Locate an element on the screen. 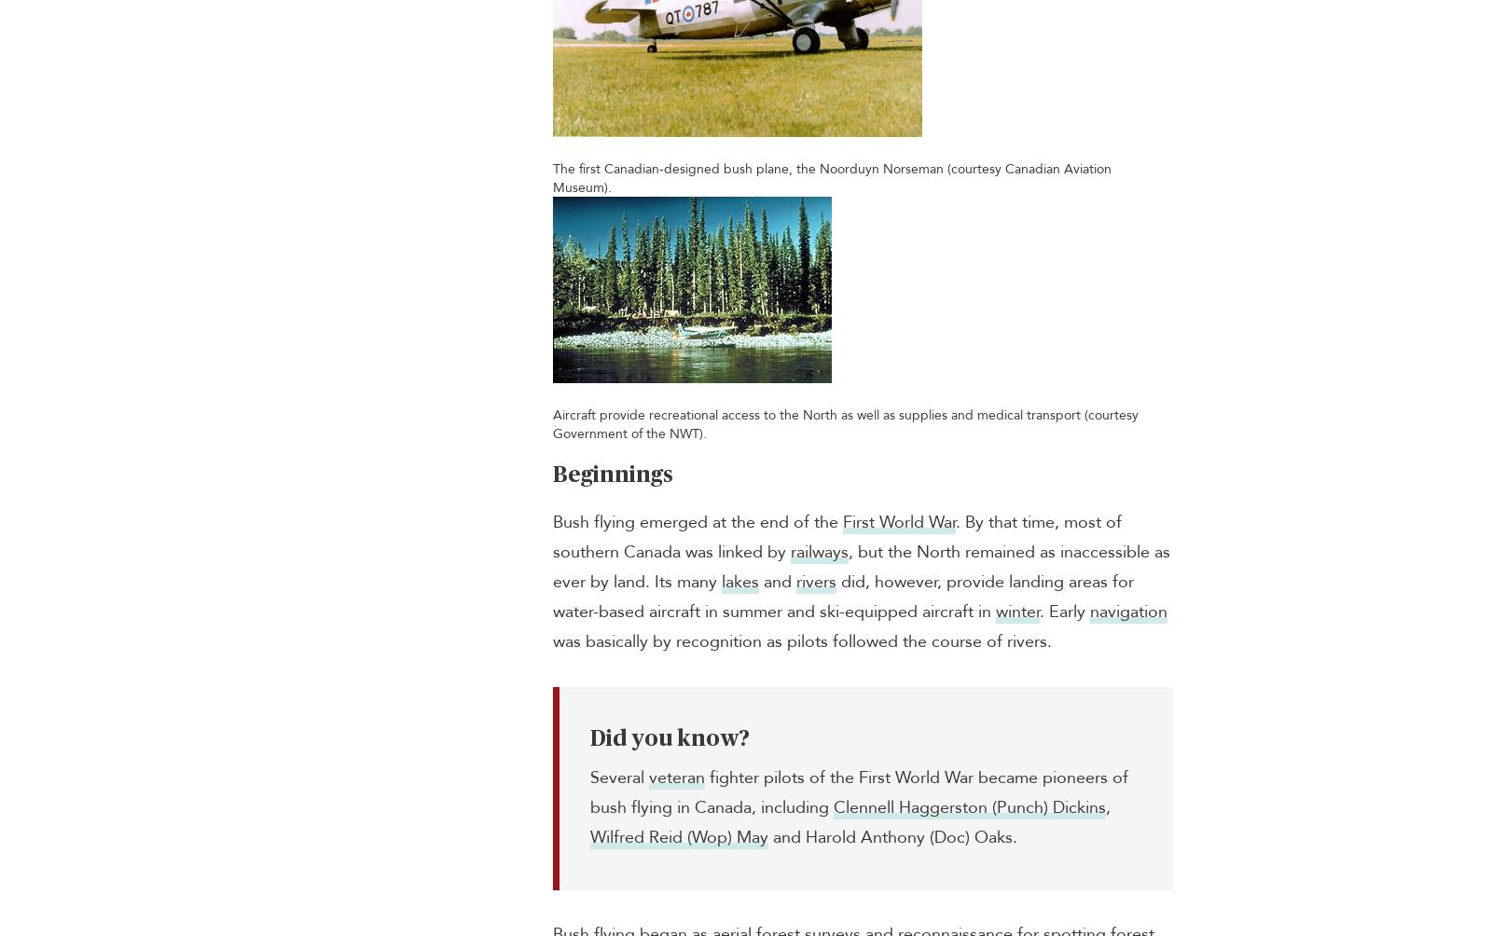  'Heritage minutes' is located at coordinates (1174, 825).